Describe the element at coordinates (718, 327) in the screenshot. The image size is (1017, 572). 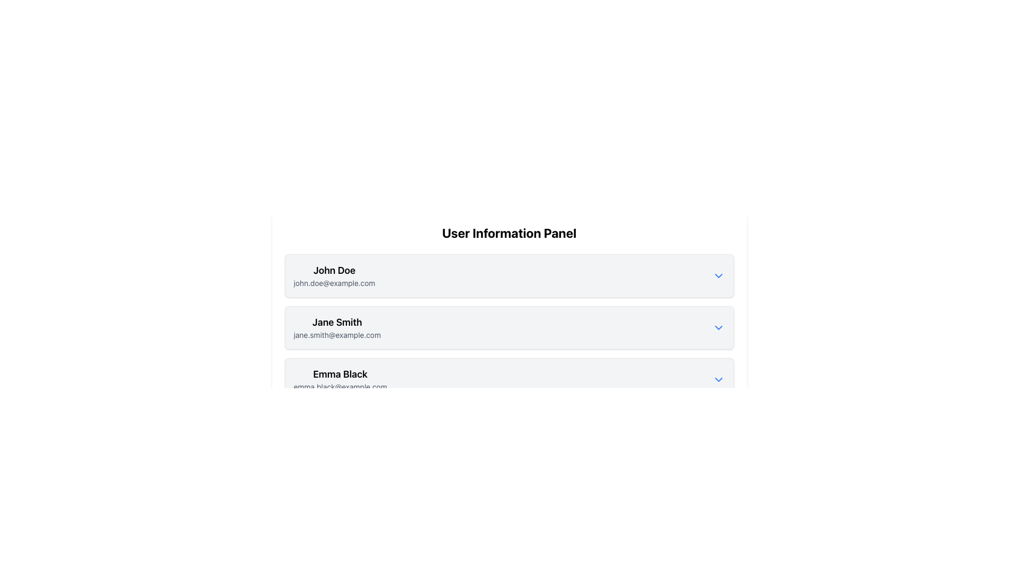
I see `the downward-facing blue chevron icon on the right side of the user entry 'Jane Smith - jane.smith@example.com'` at that location.